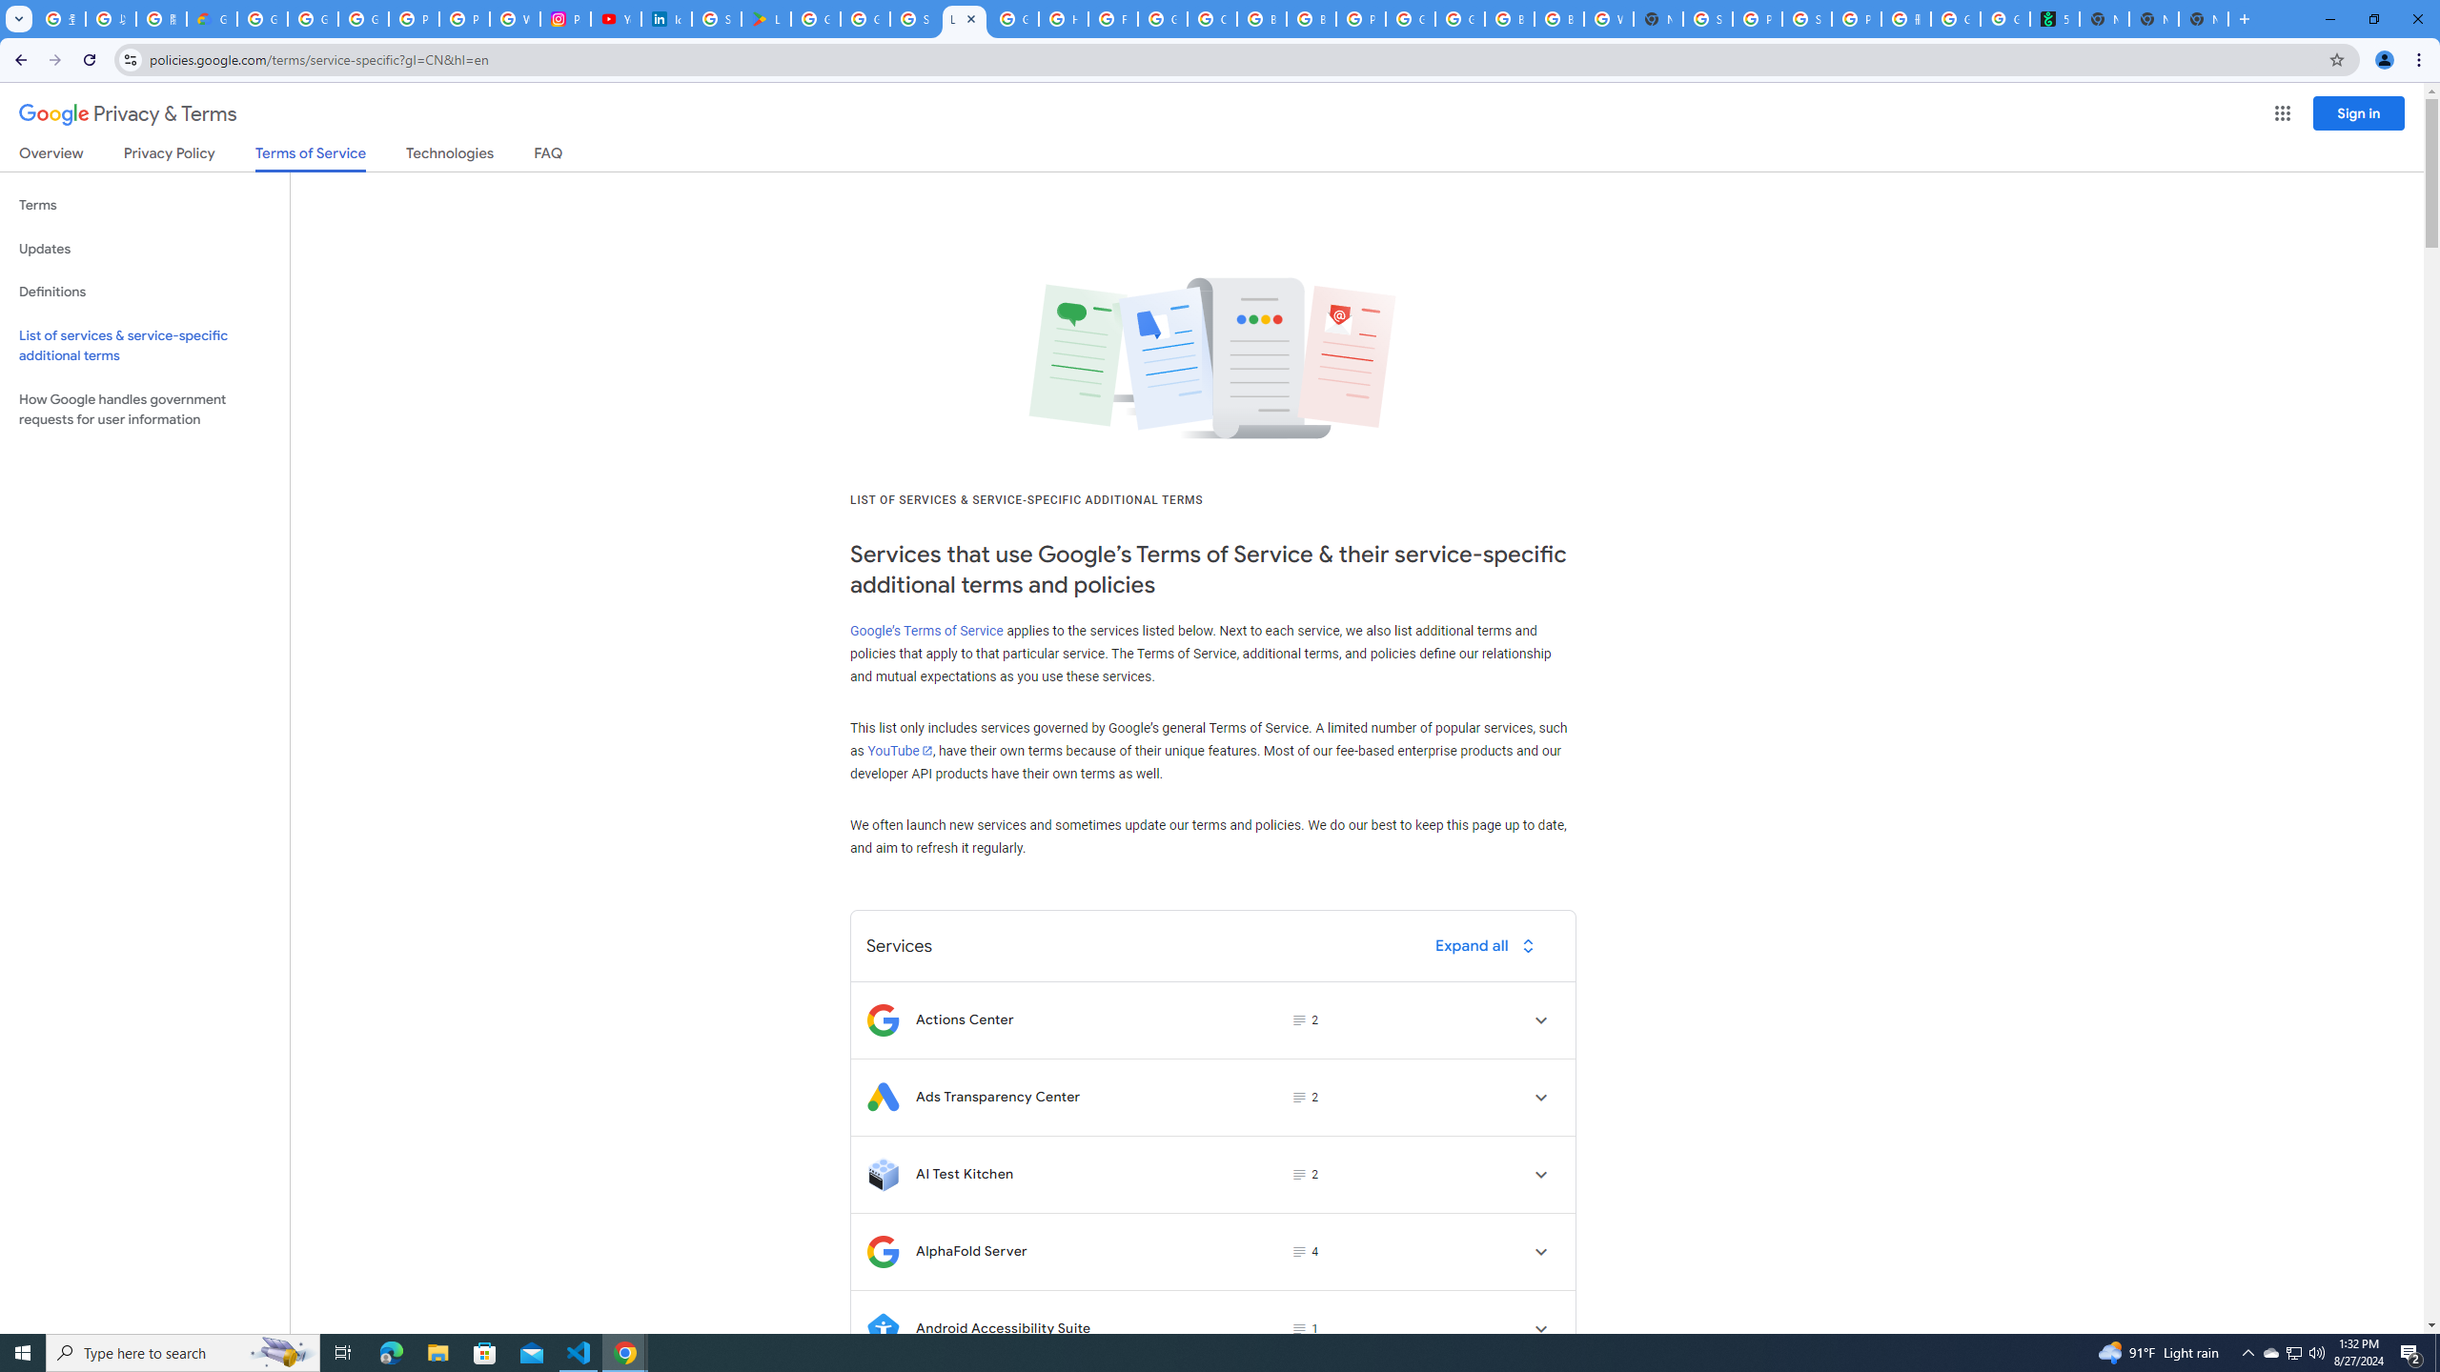  I want to click on 'Sign in - Google Accounts', so click(914, 18).